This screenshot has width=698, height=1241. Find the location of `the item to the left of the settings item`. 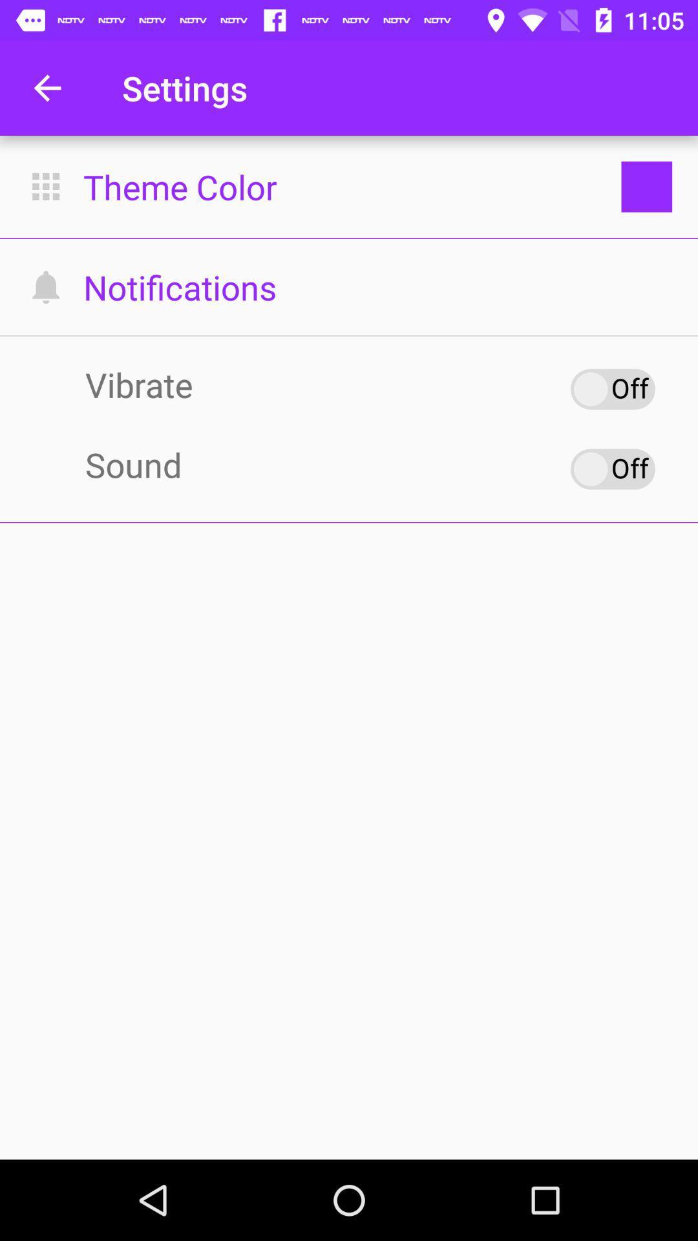

the item to the left of the settings item is located at coordinates (47, 87).